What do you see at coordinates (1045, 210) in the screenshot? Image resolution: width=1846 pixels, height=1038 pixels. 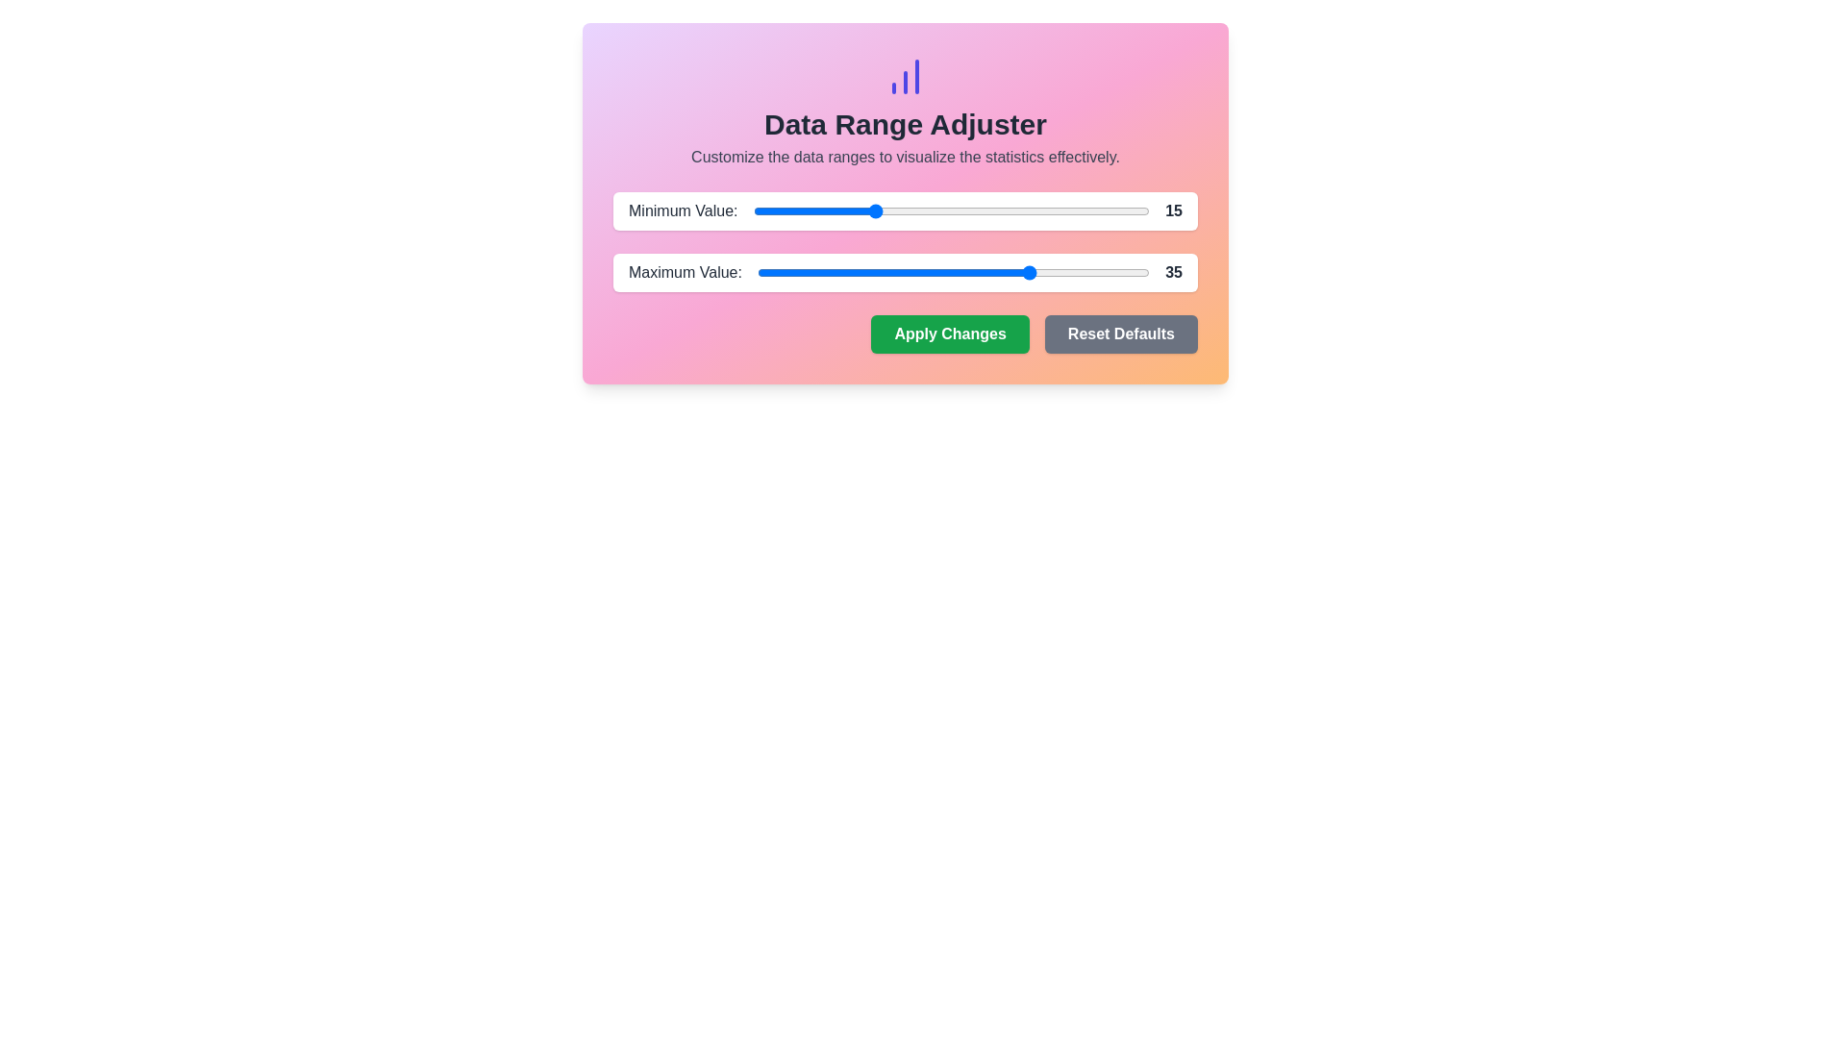 I see `the slider to set the range value to 37` at bounding box center [1045, 210].